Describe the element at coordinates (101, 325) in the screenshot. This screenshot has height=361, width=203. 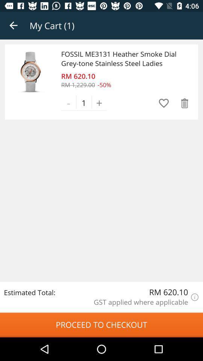
I see `icon below gst applied where item` at that location.